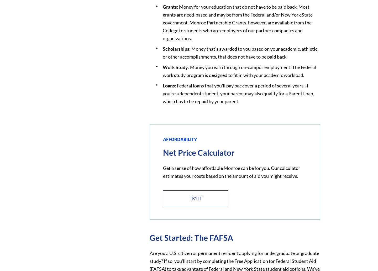  I want to click on 'Scholarships', so click(176, 48).